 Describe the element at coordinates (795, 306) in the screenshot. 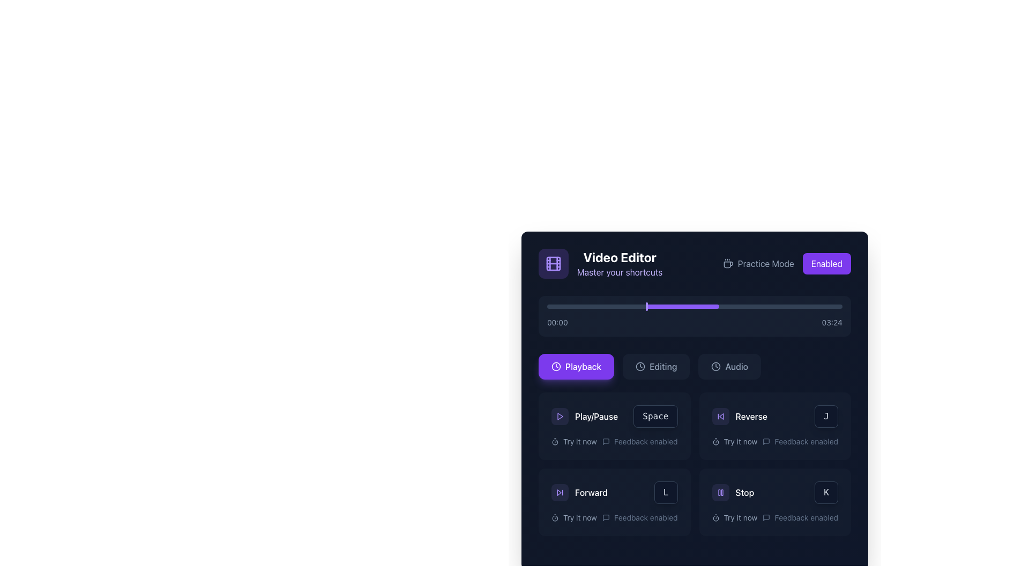

I see `the playback time` at that location.